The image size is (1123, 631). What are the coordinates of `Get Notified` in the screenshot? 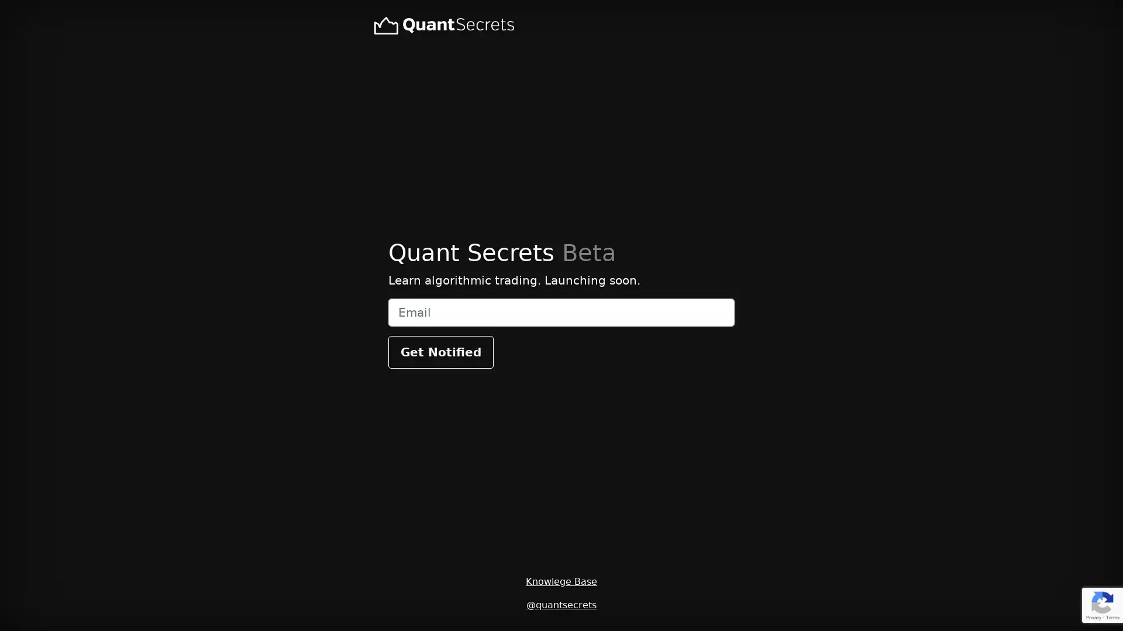 It's located at (440, 351).